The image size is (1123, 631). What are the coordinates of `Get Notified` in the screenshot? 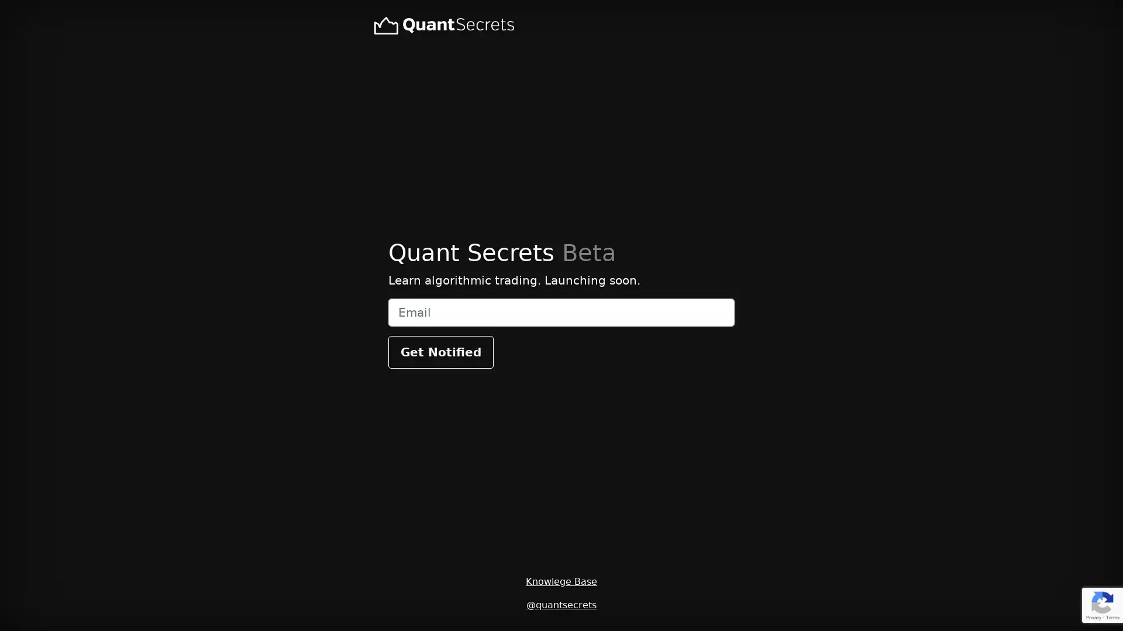 It's located at (440, 351).